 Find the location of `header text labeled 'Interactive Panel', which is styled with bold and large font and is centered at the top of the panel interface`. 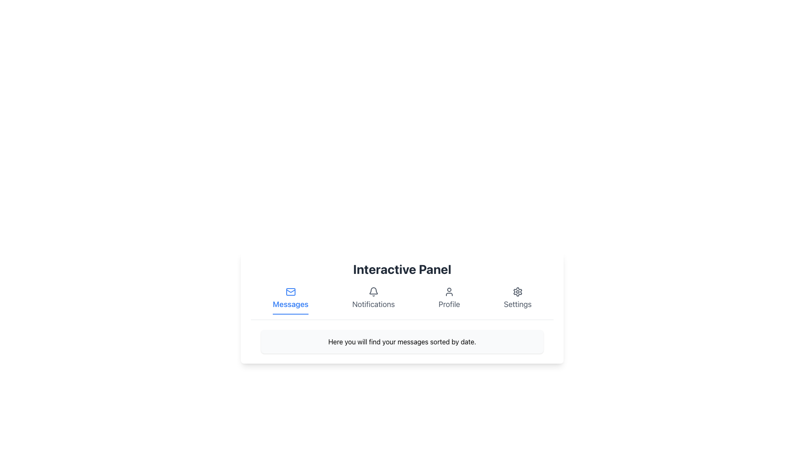

header text labeled 'Interactive Panel', which is styled with bold and large font and is centered at the top of the panel interface is located at coordinates (401, 269).